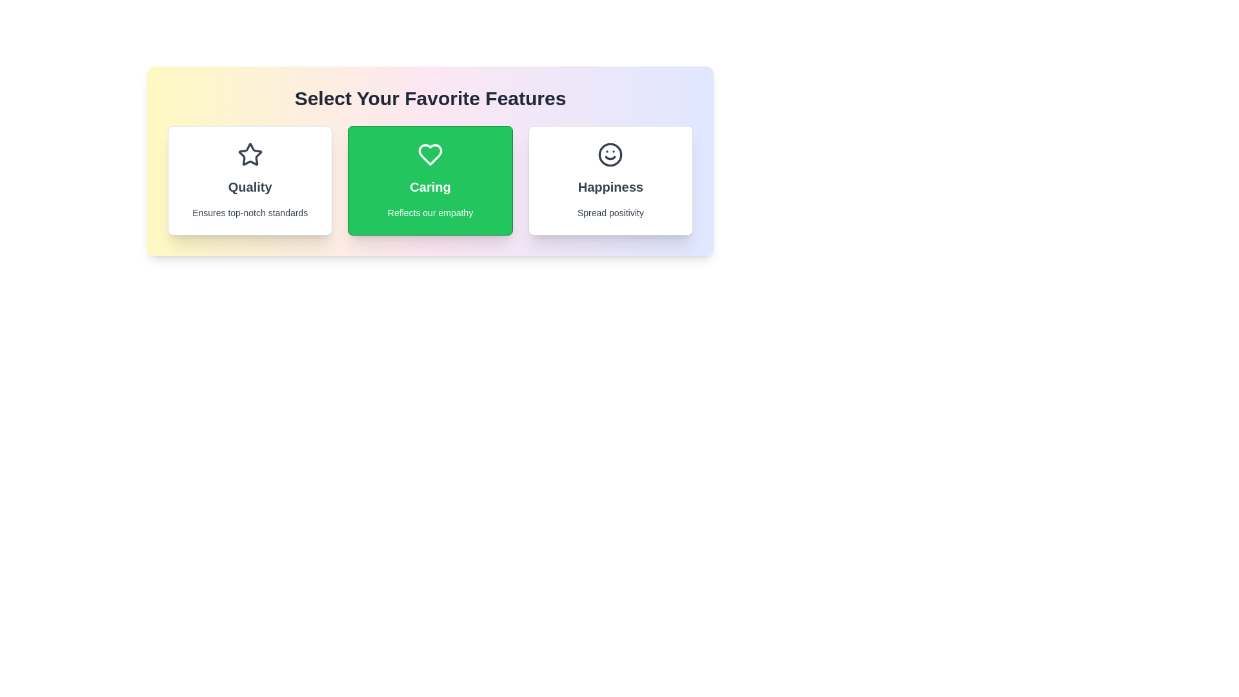  Describe the element at coordinates (430, 181) in the screenshot. I see `the feature card labeled Caring` at that location.